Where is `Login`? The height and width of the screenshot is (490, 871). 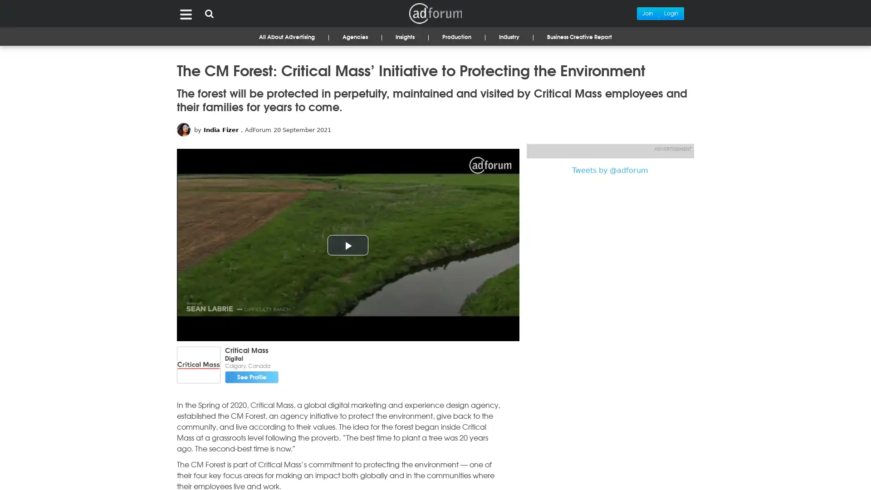 Login is located at coordinates (671, 14).